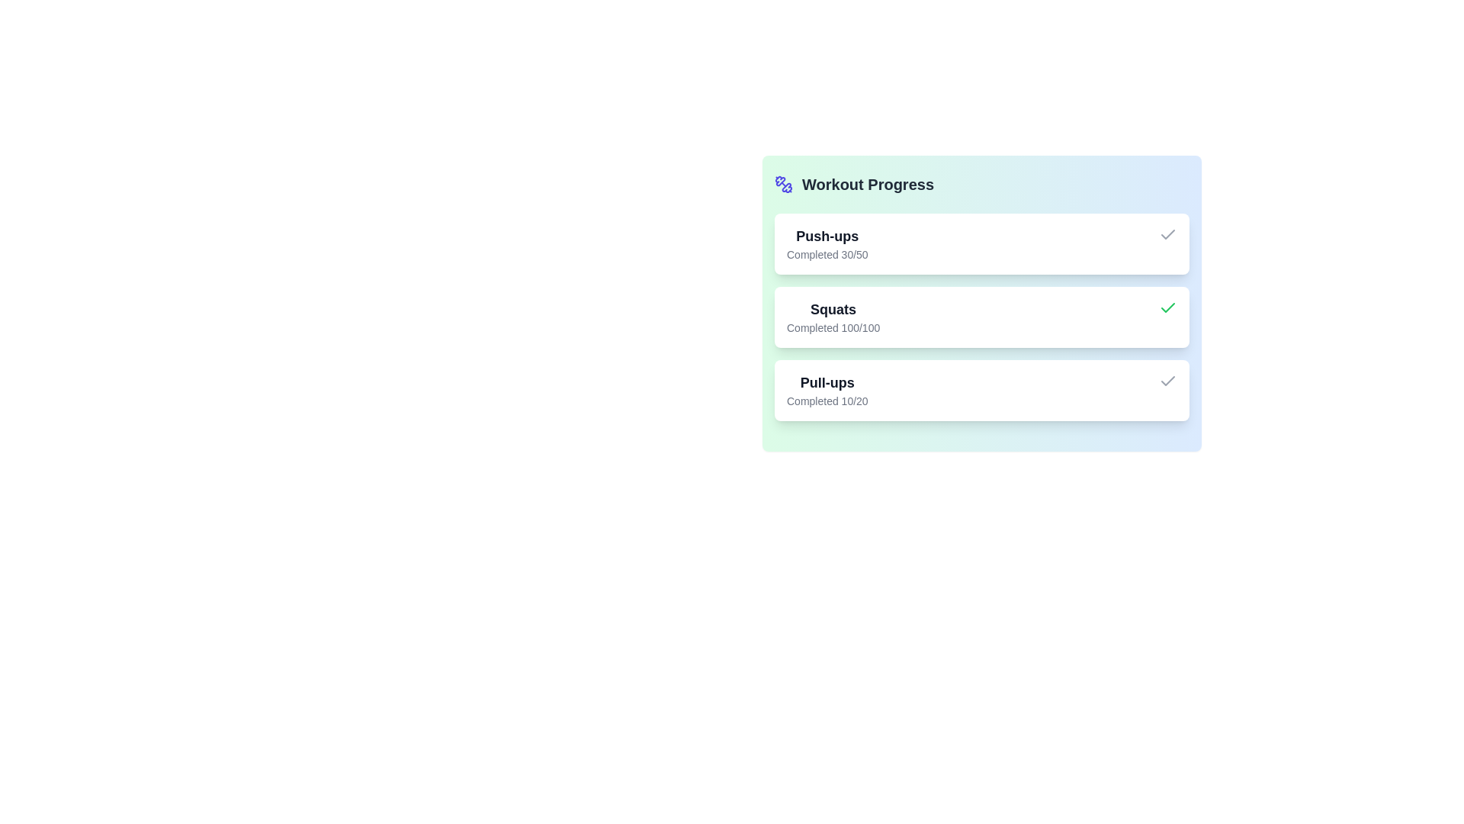  Describe the element at coordinates (827, 390) in the screenshot. I see `the text block titled 'Pull-ups' that shows 'Completed 10/20' in the 'Workout Progress' list` at that location.